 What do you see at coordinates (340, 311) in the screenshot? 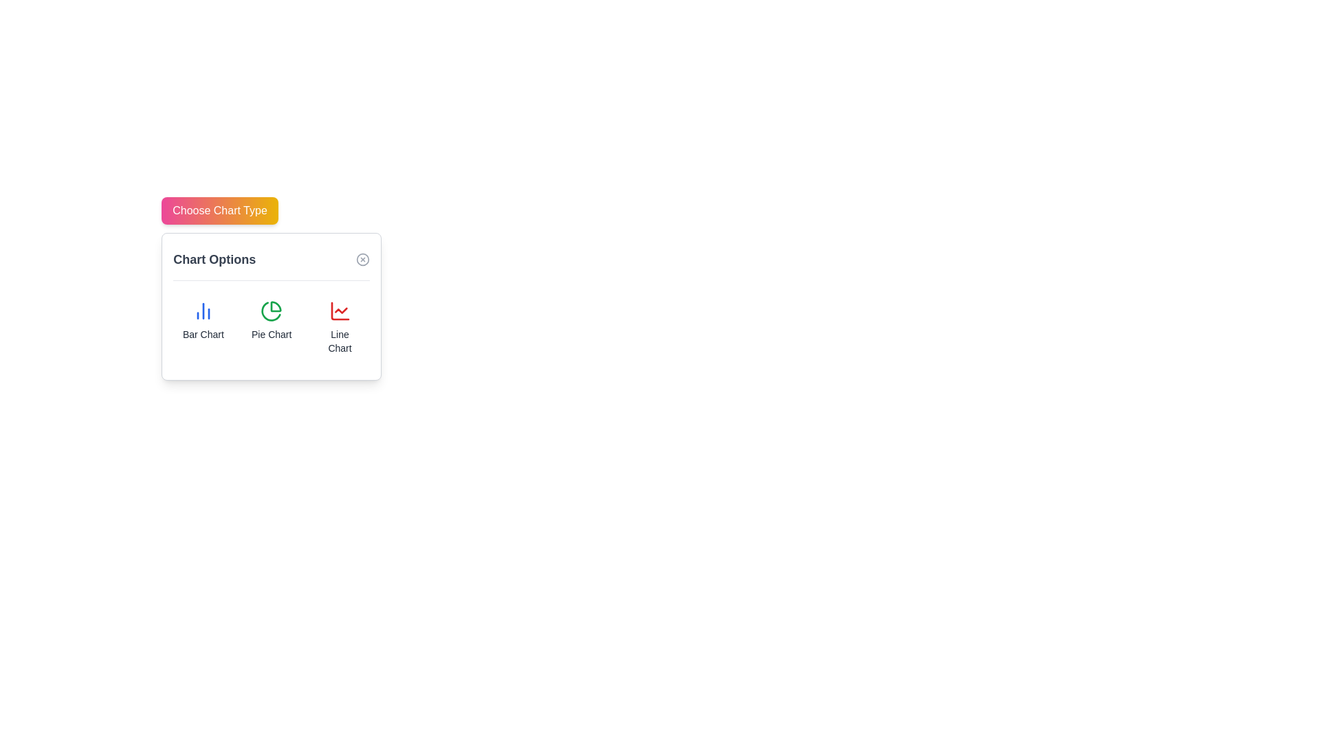
I see `the left-side icon representing the line chart option in the 'Chart Options' popup` at bounding box center [340, 311].